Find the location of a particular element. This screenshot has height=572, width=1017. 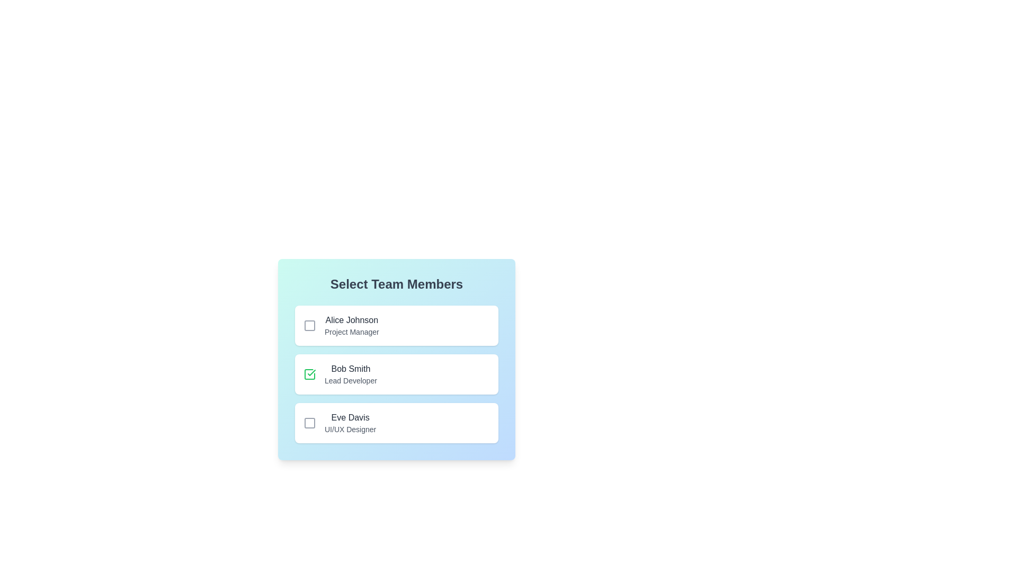

the state indicator icon representing the deselected status of the 'Eve Davis' option in the team member selection interface is located at coordinates (309, 422).